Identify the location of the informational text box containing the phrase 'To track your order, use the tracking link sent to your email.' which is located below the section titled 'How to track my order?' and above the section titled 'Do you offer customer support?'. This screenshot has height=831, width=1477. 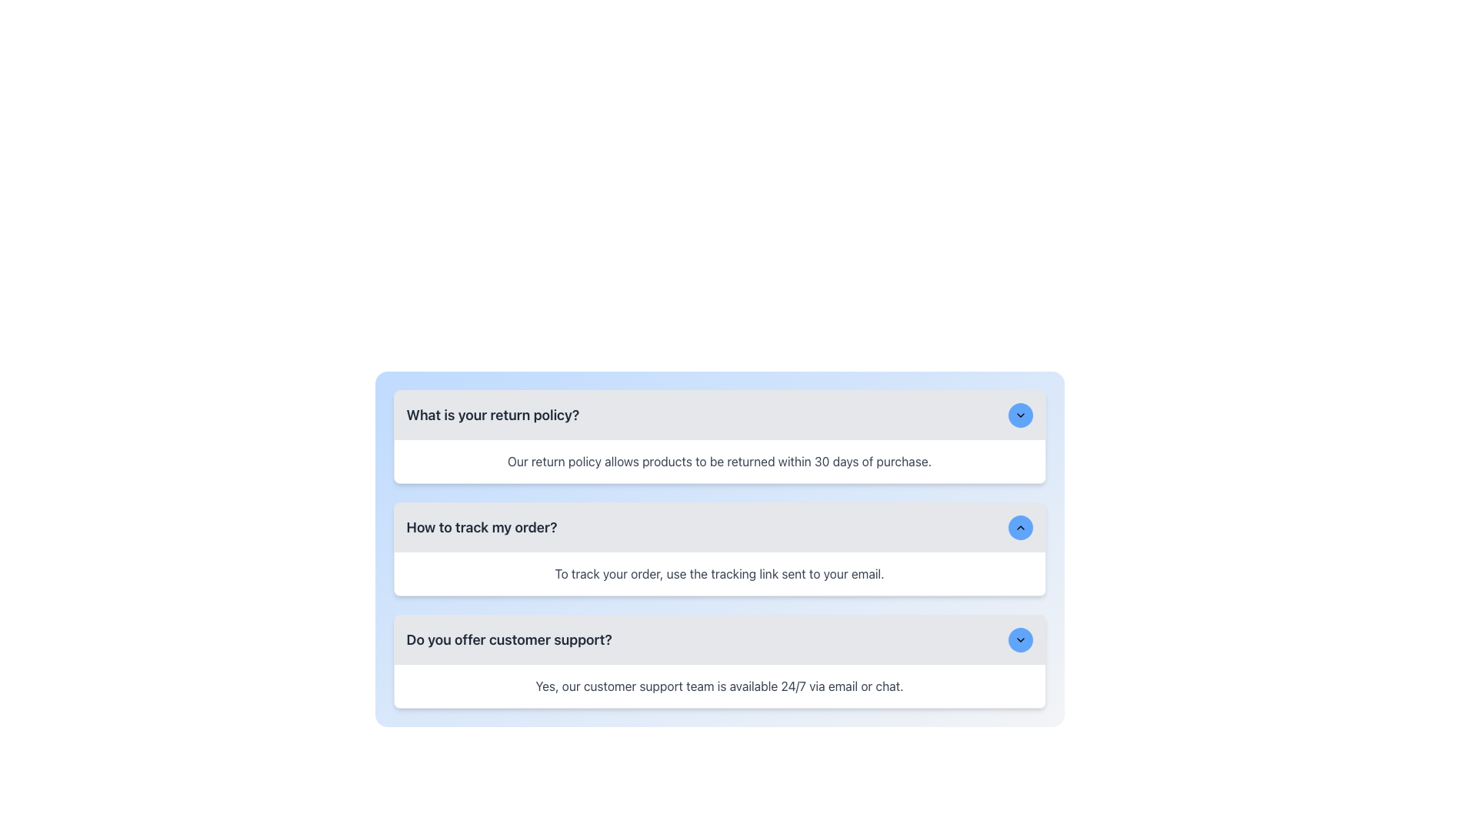
(718, 573).